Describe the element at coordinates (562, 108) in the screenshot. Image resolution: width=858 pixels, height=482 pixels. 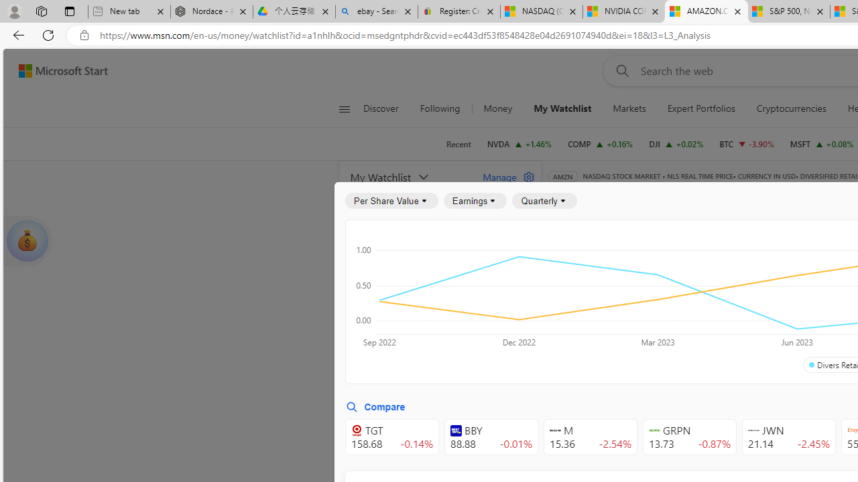
I see `'My Watchlist'` at that location.